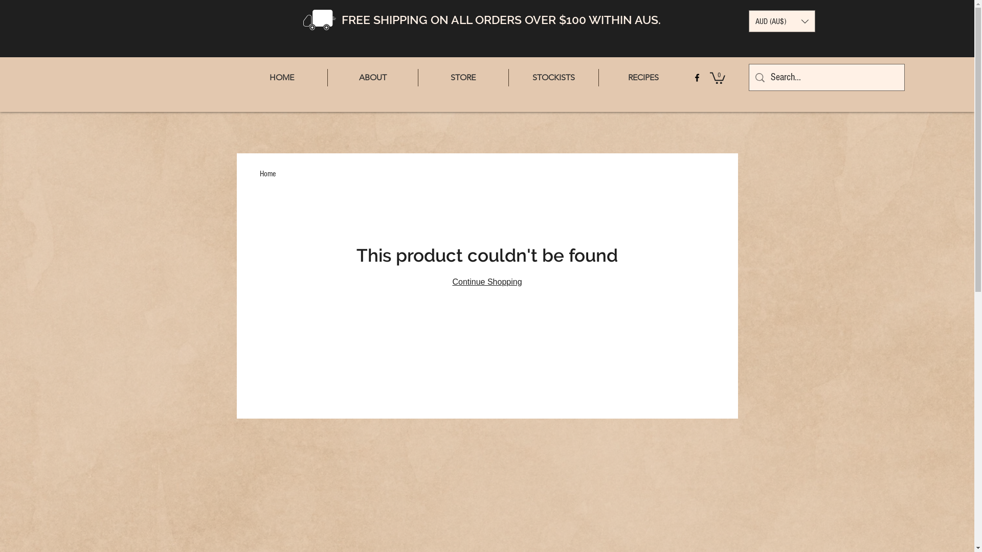 This screenshot has width=982, height=552. Describe the element at coordinates (598, 77) in the screenshot. I see `'RECIPES'` at that location.